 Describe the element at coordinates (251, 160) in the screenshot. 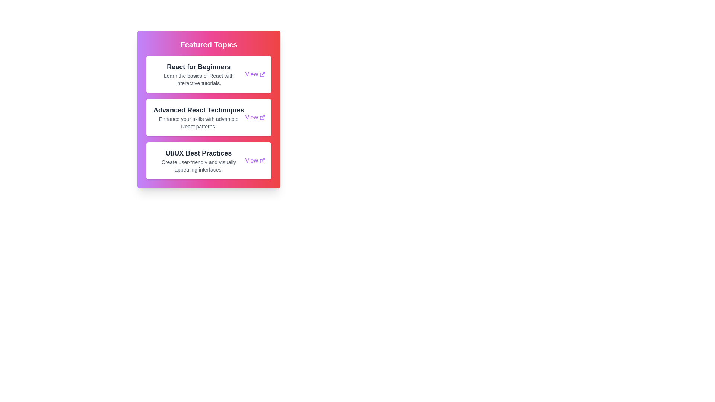

I see `the Text label within the hyperlink that provides information about 'UI/UX Best Practices'` at that location.